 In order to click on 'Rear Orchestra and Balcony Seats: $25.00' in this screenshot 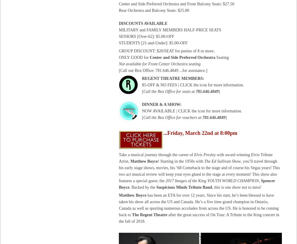, I will do `click(154, 10)`.